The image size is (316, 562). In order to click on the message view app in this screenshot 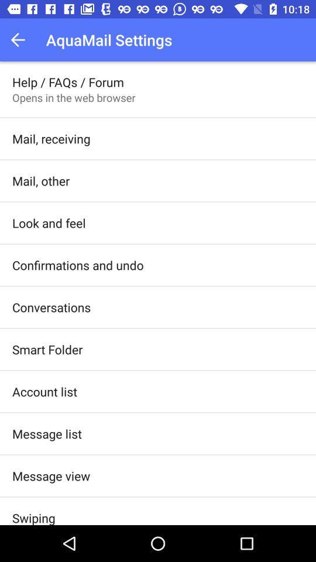, I will do `click(50, 476)`.